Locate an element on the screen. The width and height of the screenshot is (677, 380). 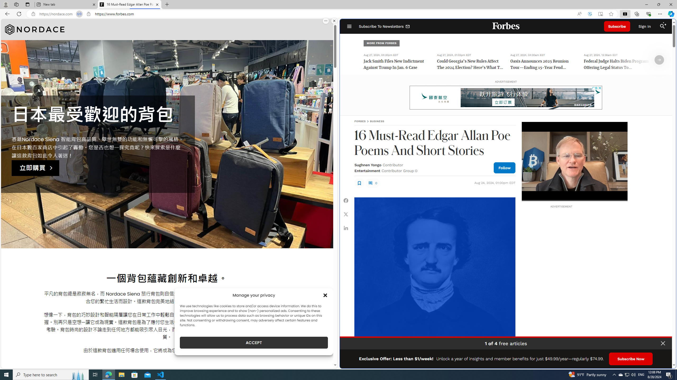
'Class: sparkles_svg__fs-icon sparkles_svg__fs-icon--sparkles' is located at coordinates (665, 23).